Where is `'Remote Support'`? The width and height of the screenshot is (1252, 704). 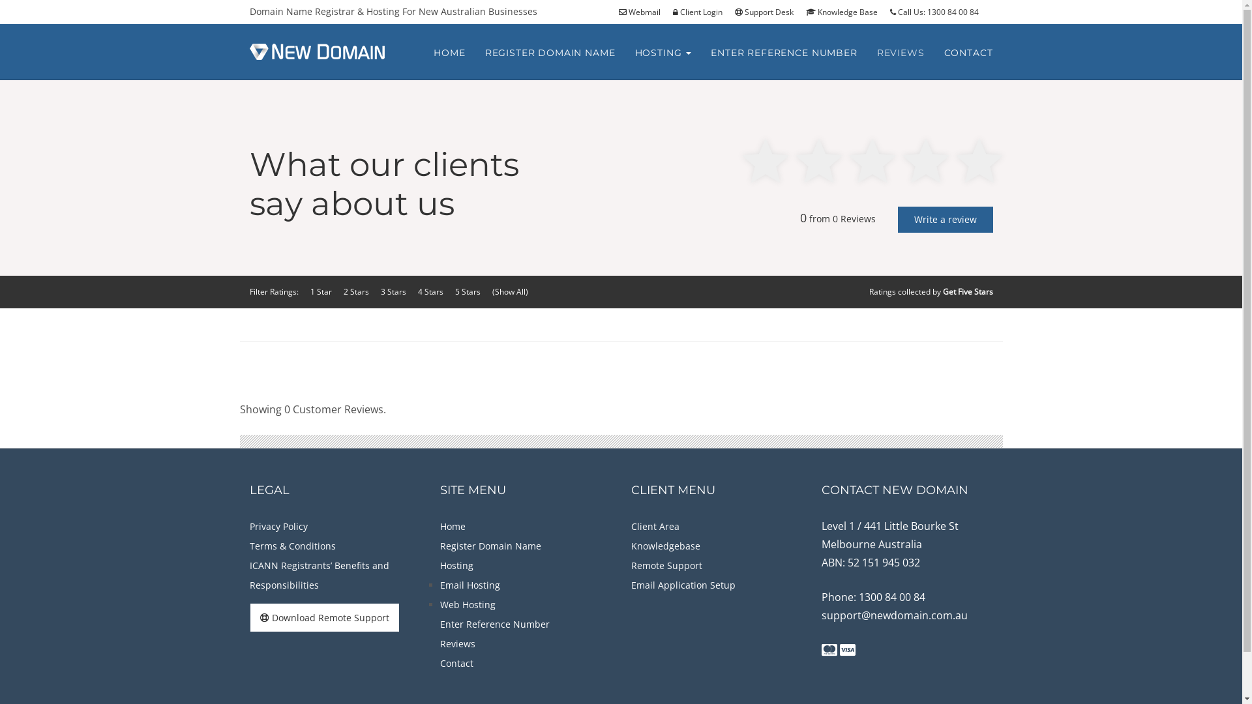 'Remote Support' is located at coordinates (666, 565).